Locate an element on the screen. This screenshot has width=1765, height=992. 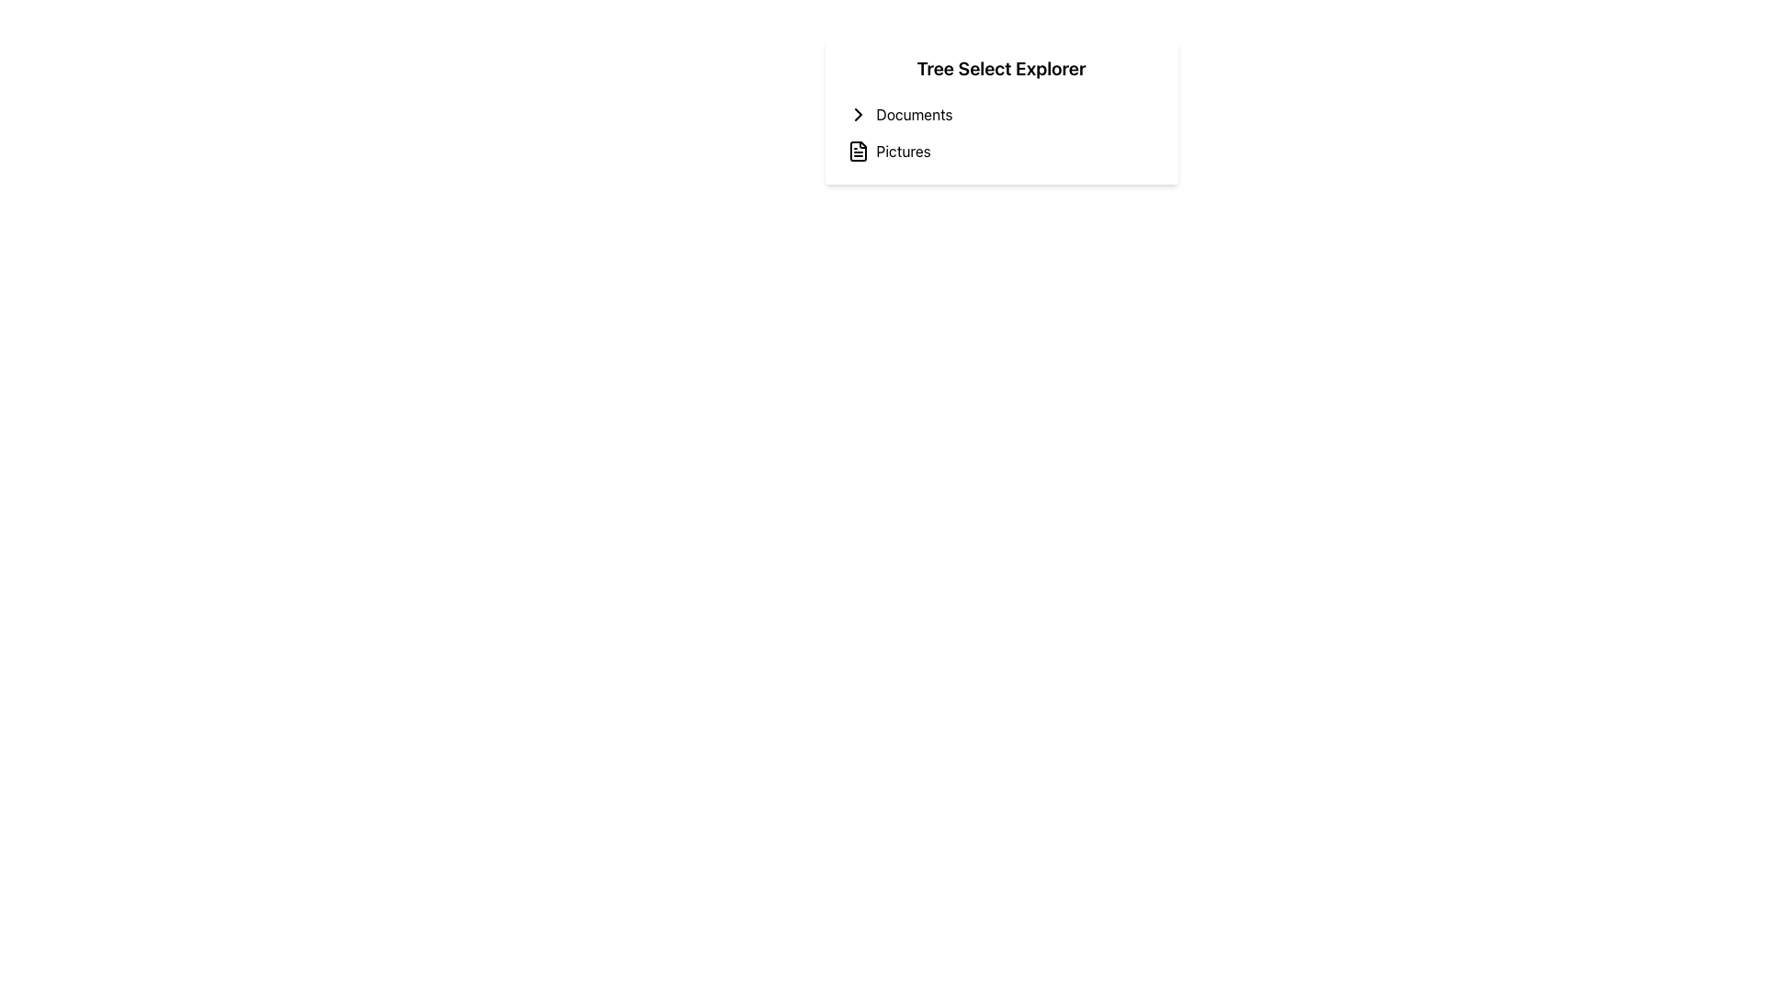
the 'Pictures' text label located to the right of the document icon within the tree selection menu is located at coordinates (904, 151).